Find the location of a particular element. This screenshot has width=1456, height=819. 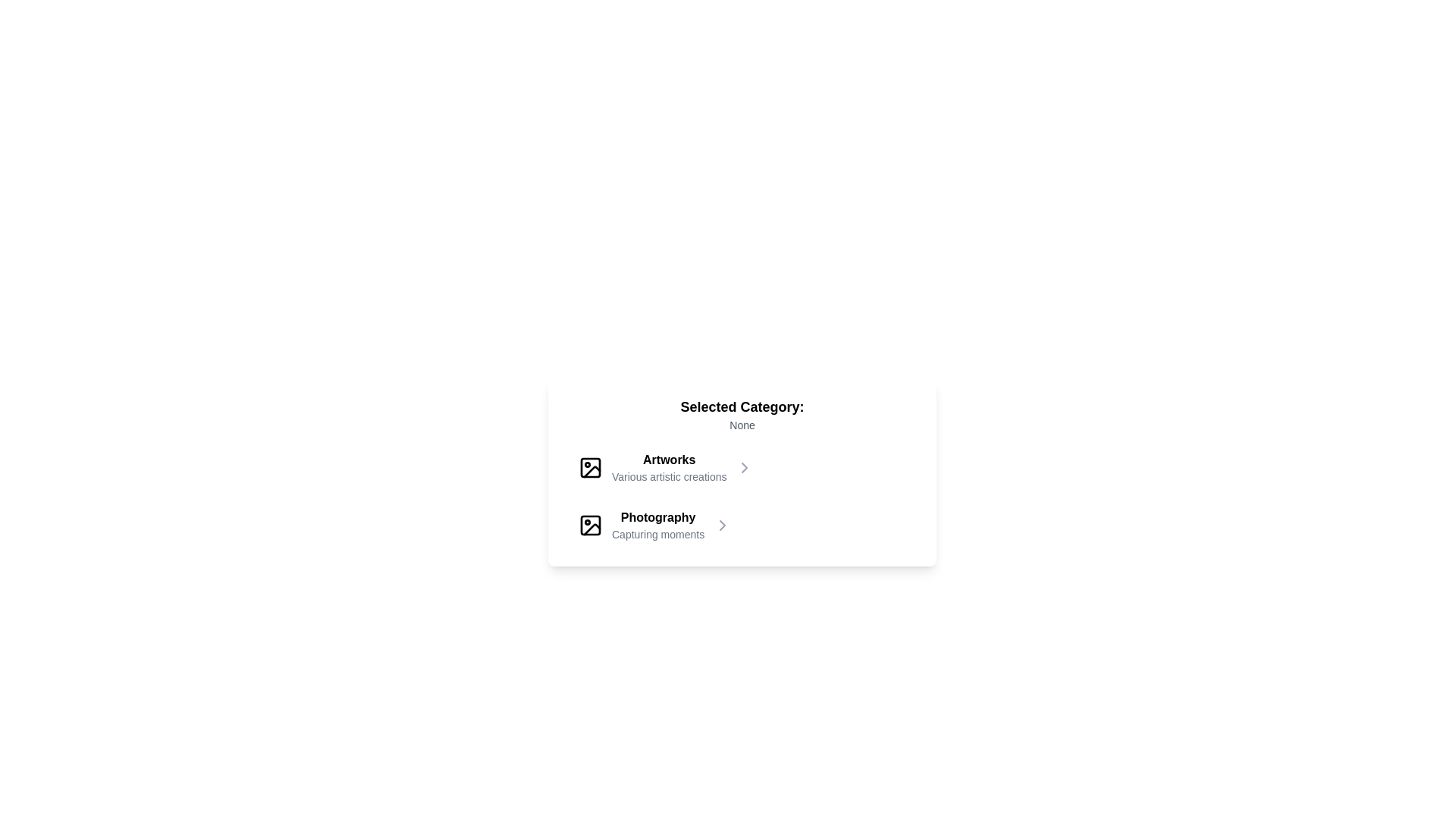

the center area of the 'Photography' category text label is located at coordinates (658, 525).